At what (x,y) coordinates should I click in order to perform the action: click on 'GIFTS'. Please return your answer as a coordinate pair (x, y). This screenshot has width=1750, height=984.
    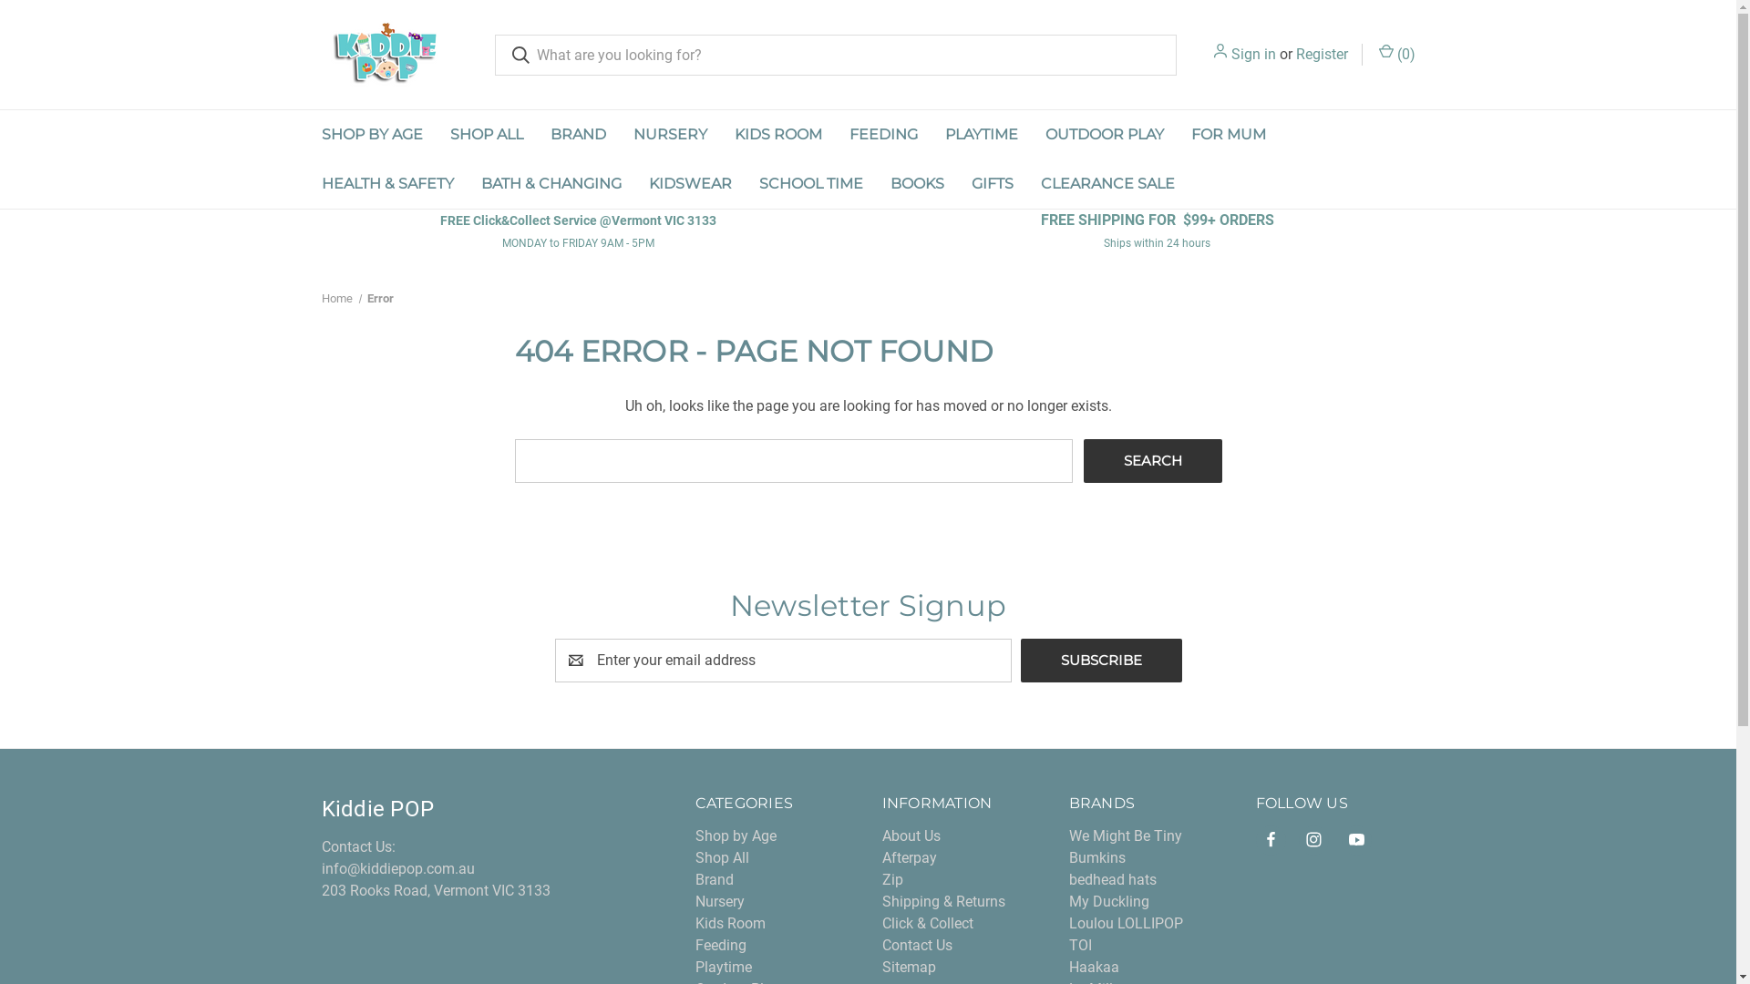
    Looking at the image, I should click on (991, 183).